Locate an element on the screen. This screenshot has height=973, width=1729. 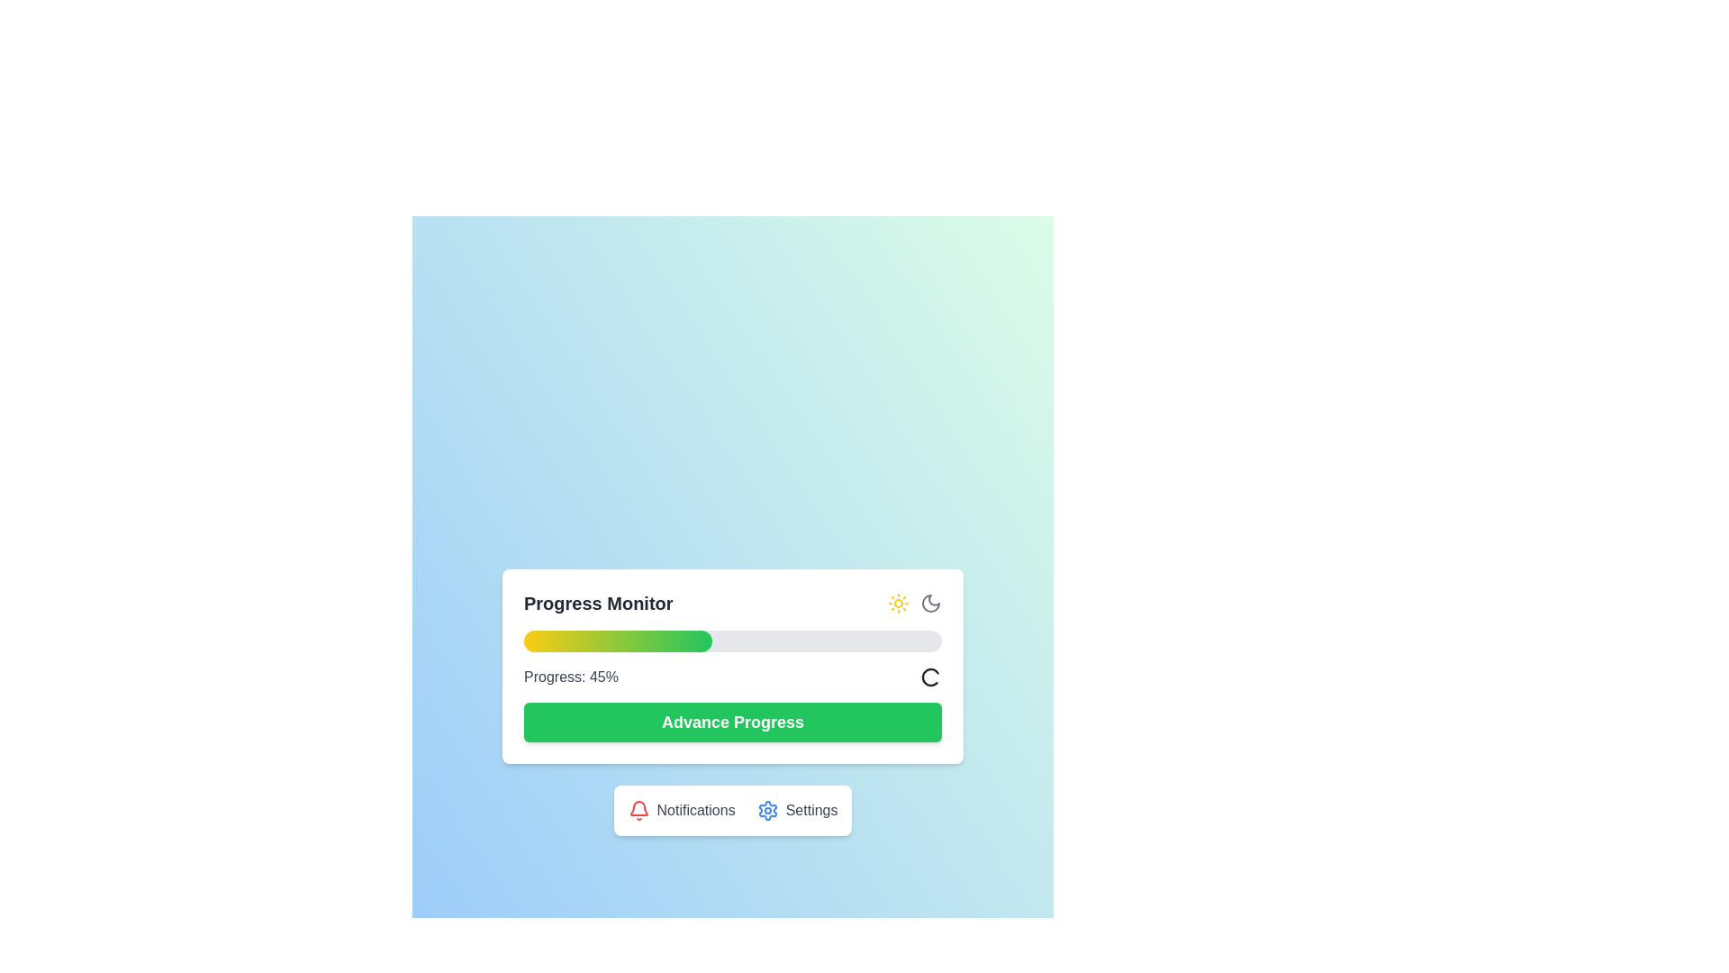
the loading spinner located at the far-right edge of the 'Progress: 45%' section, which indicates an ongoing process is located at coordinates (930, 677).